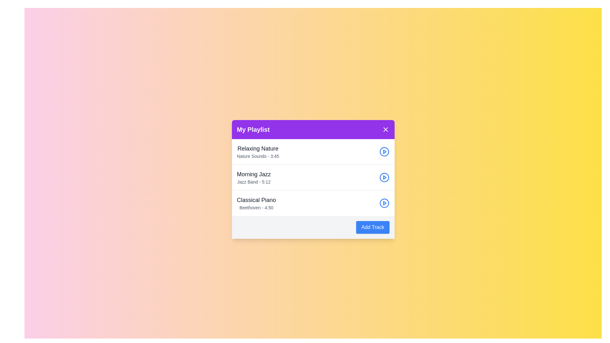 The image size is (610, 343). What do you see at coordinates (373, 227) in the screenshot?
I see `the 'Add Track' button to add a new track` at bounding box center [373, 227].